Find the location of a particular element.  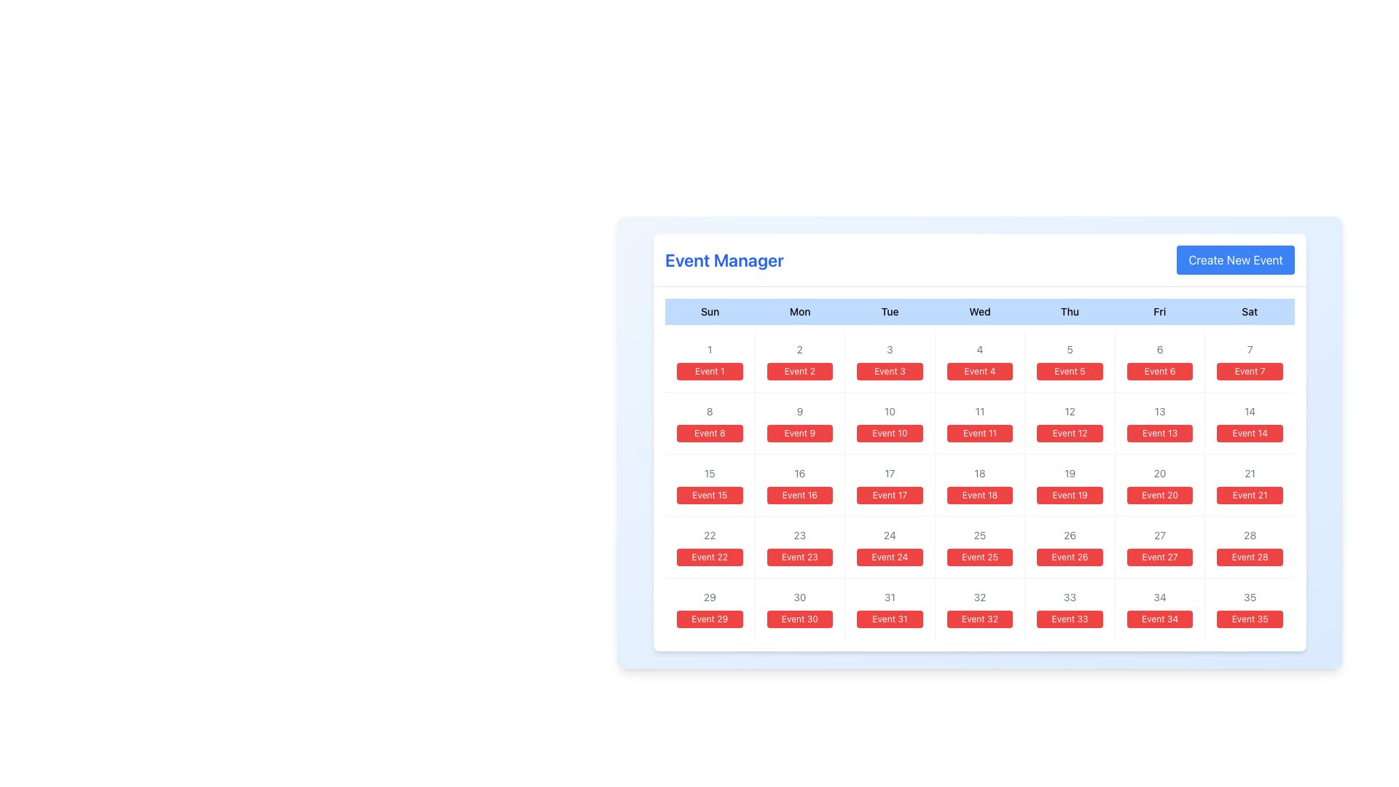

the red rectangular button labeled 'Event 23' on the interactive card located in the fourth row and third column of the event grid is located at coordinates (799, 547).